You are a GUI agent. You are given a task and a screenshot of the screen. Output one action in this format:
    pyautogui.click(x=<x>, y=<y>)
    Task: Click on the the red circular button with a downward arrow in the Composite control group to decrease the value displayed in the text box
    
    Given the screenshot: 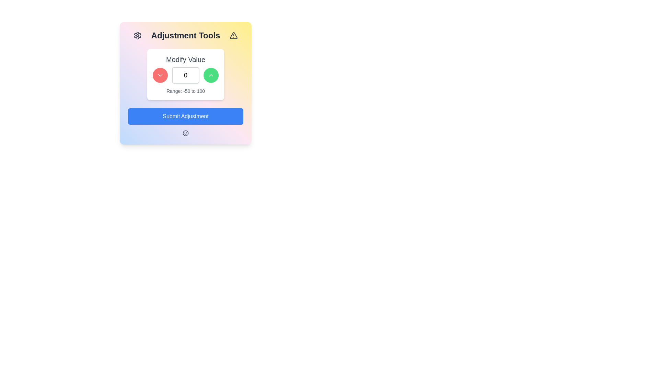 What is the action you would take?
    pyautogui.click(x=186, y=75)
    